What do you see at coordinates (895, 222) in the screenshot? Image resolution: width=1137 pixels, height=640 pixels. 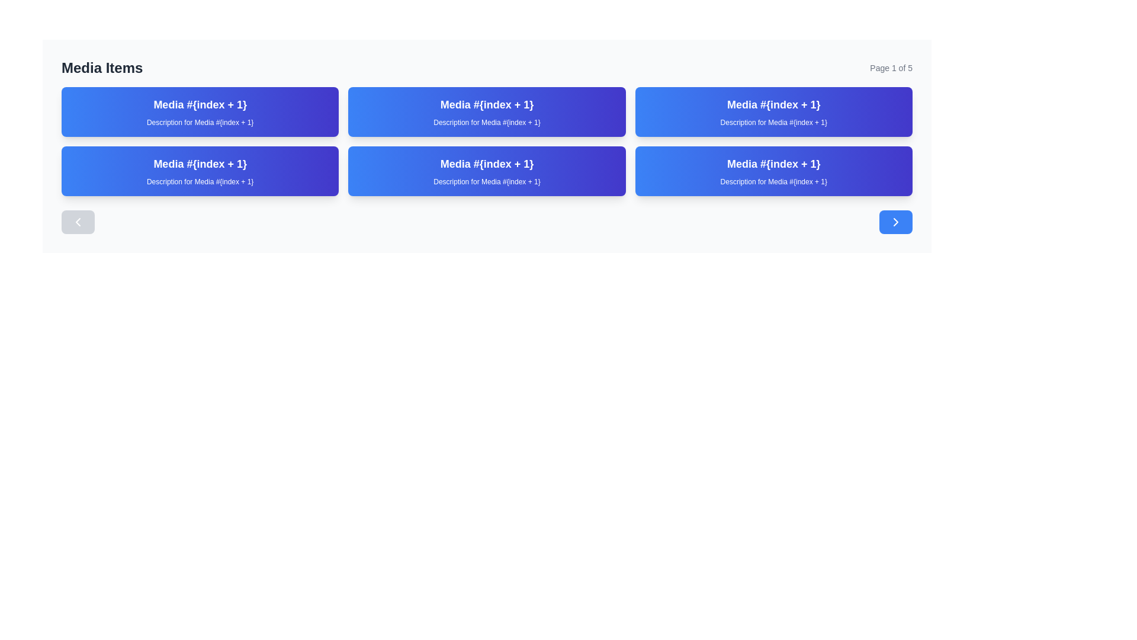 I see `the blue button with a white chevron pointing right` at bounding box center [895, 222].